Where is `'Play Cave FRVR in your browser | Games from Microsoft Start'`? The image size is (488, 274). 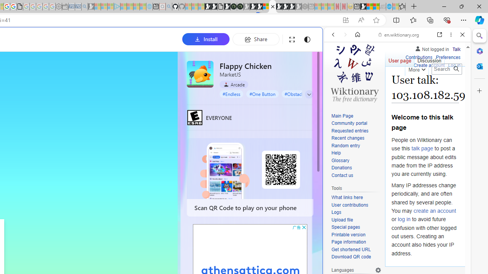 'Play Cave FRVR in your browser | Games from Microsoft Start' is located at coordinates (253, 6).